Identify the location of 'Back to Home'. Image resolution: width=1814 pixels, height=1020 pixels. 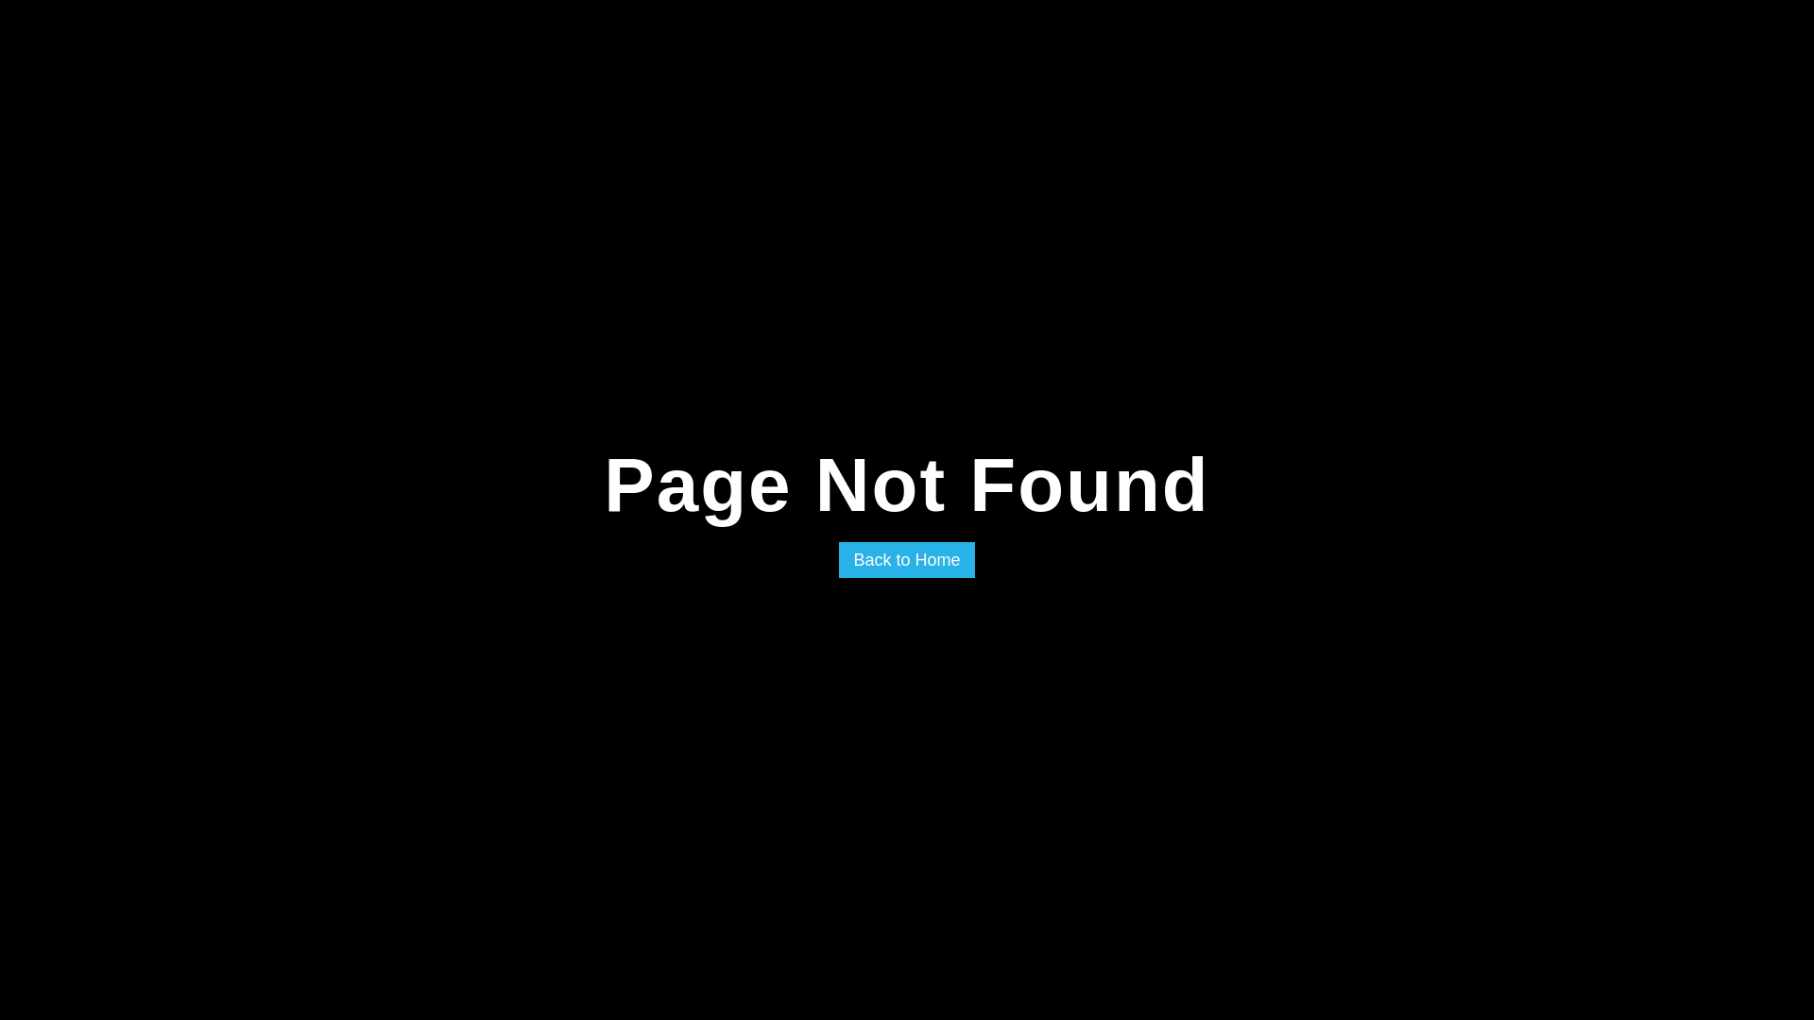
(838, 559).